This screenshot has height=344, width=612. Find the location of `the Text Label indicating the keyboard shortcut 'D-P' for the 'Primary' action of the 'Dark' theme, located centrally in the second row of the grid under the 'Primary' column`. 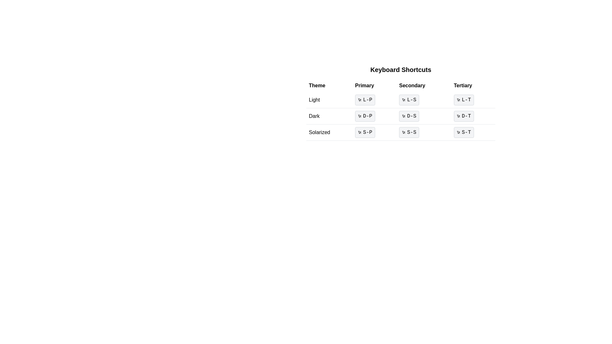

the Text Label indicating the keyboard shortcut 'D-P' for the 'Primary' action of the 'Dark' theme, located centrally in the second row of the grid under the 'Primary' column is located at coordinates (368, 116).